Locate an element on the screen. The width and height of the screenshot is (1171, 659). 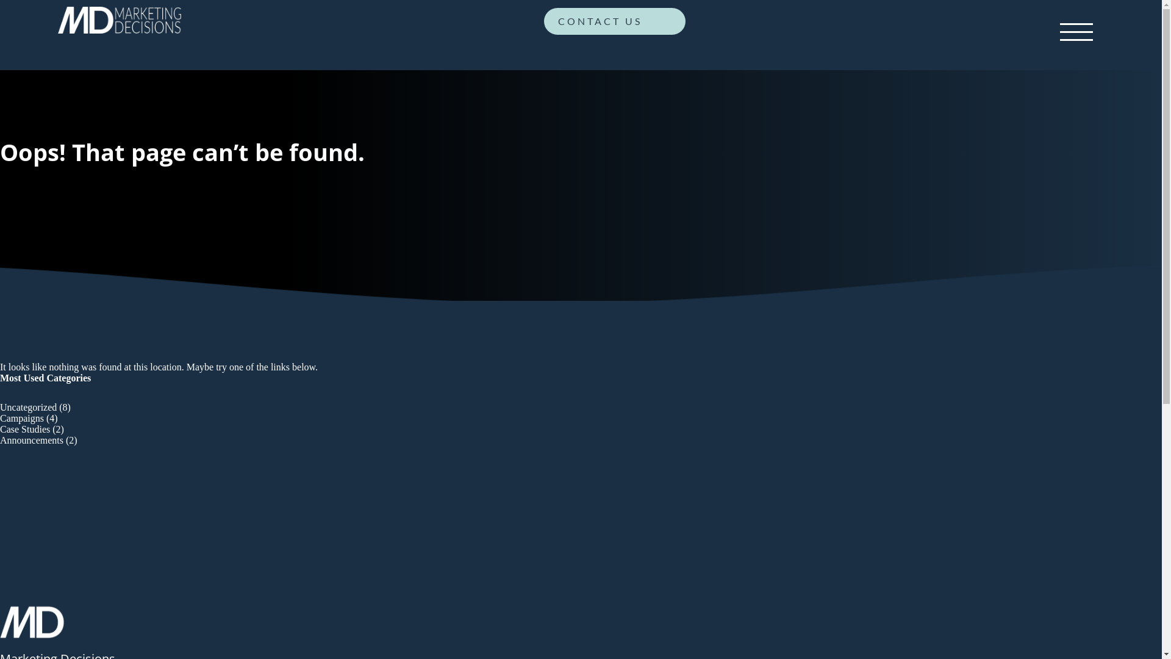
'Case Studies' is located at coordinates (25, 428).